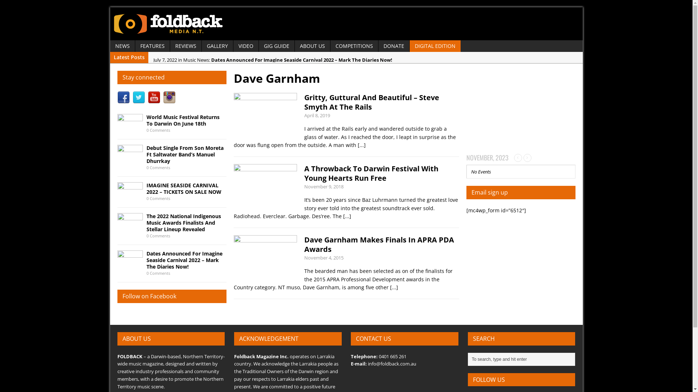 This screenshot has width=698, height=392. I want to click on 'A Throwback To Darwin Festival With Young Hearts Run Free', so click(371, 173).